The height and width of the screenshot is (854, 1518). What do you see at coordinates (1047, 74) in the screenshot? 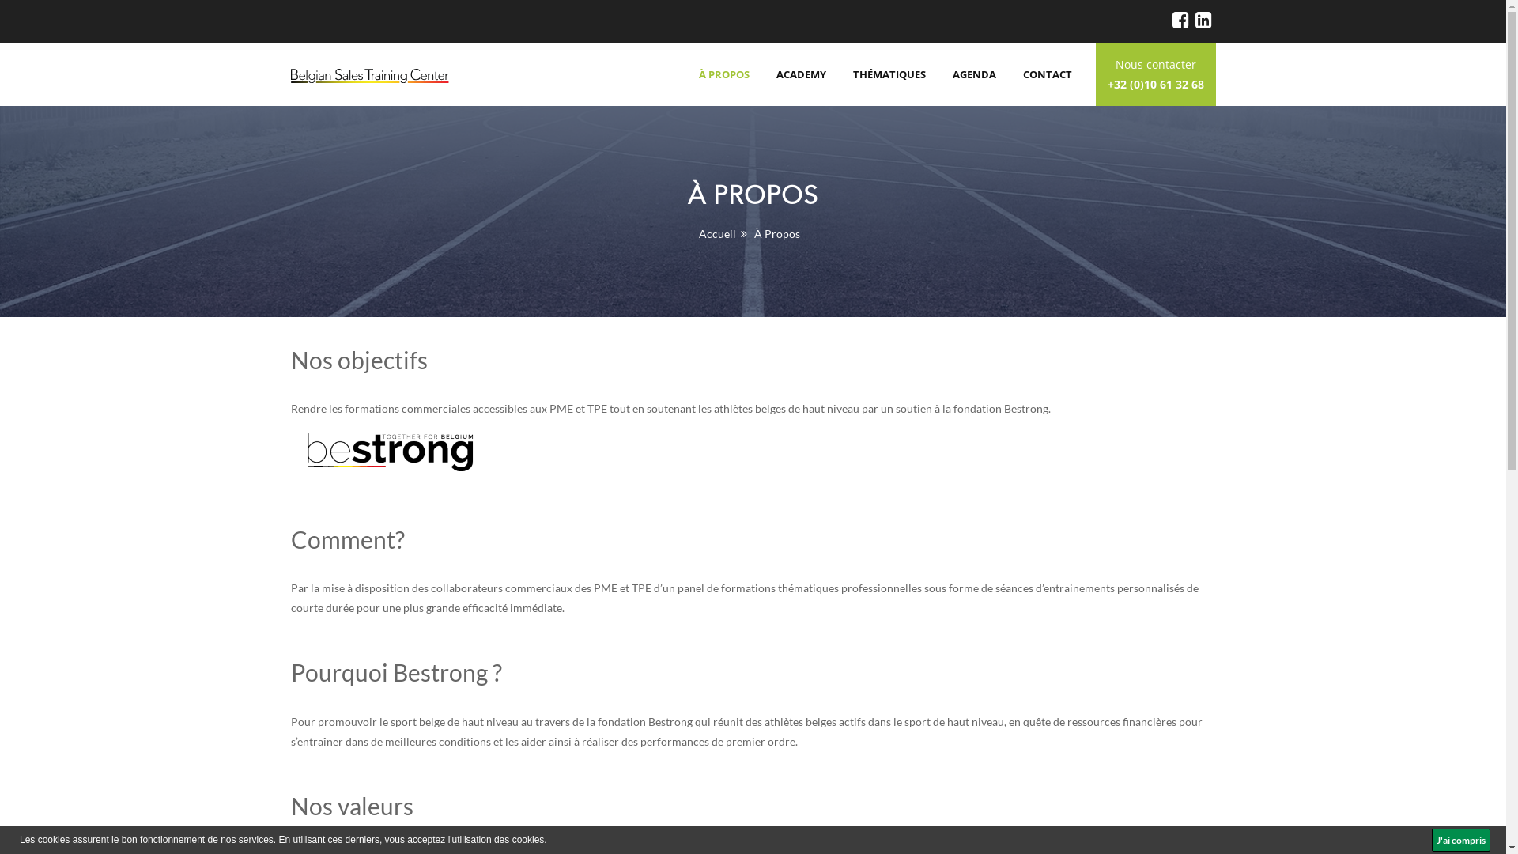
I see `'CONTACT'` at bounding box center [1047, 74].